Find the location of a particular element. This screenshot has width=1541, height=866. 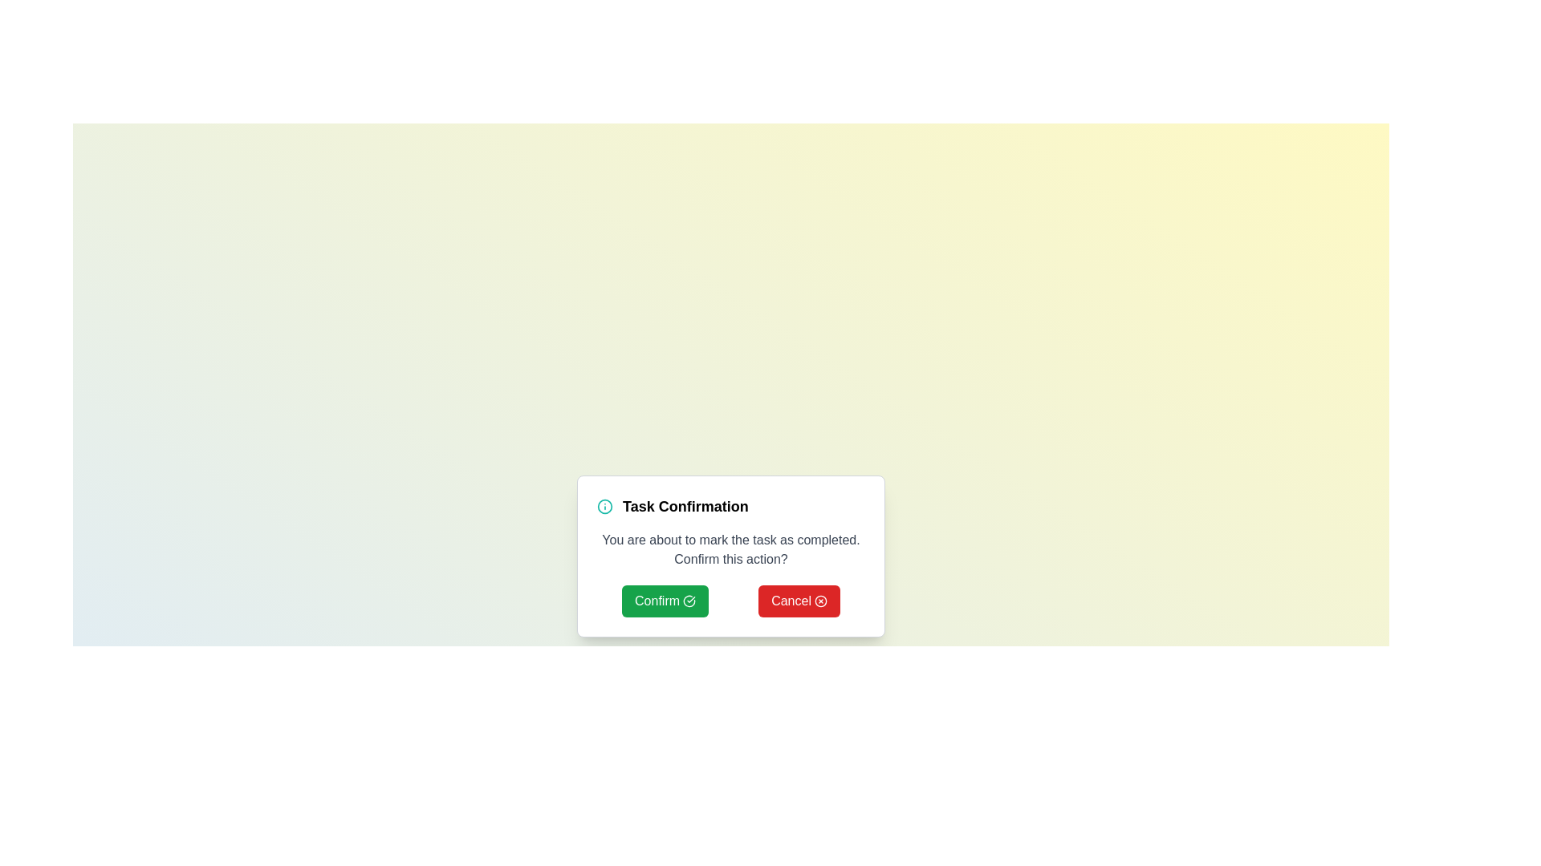

the static text label displaying 'Task Confirmation', which is prominently styled in bold and positioned in the dialog box is located at coordinates (685, 507).